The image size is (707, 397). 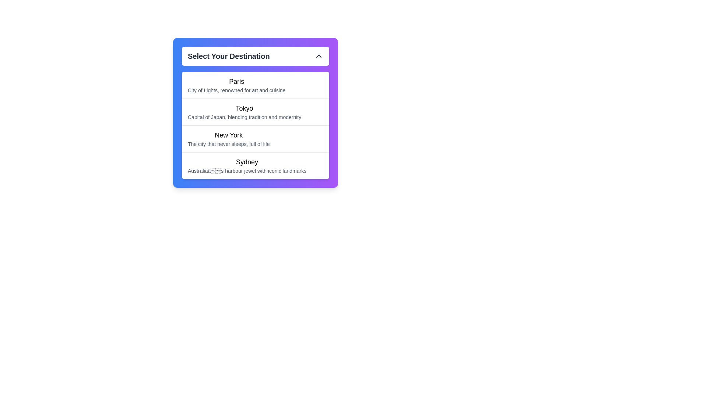 I want to click on the text label displaying 'Sydney', which is located in the bottom section of the 'Select Your Destination' interface card, above the description text 'Australia’s harbour jewel with iconic landmarks', so click(x=247, y=161).